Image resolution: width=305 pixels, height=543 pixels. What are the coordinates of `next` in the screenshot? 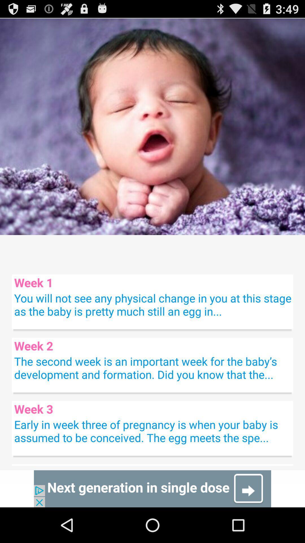 It's located at (152, 488).